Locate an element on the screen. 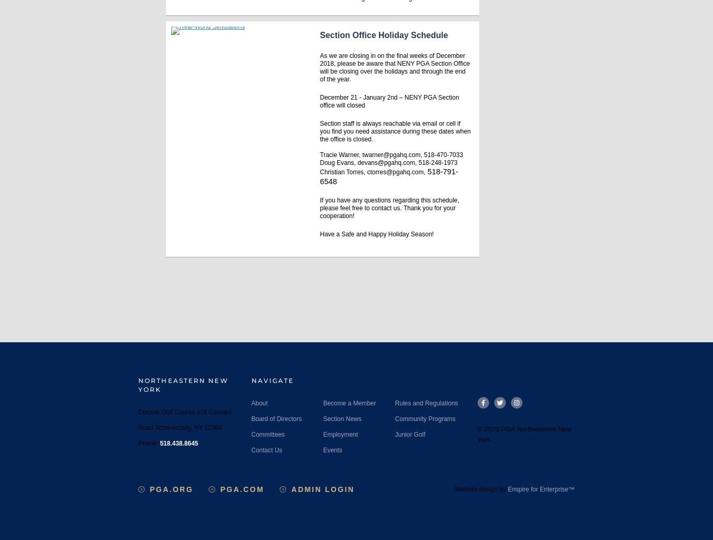 The width and height of the screenshot is (713, 540). 'If you have any questions regarding this schedule, please feel free to contact us. Thank you for your cooperation!' is located at coordinates (319, 207).